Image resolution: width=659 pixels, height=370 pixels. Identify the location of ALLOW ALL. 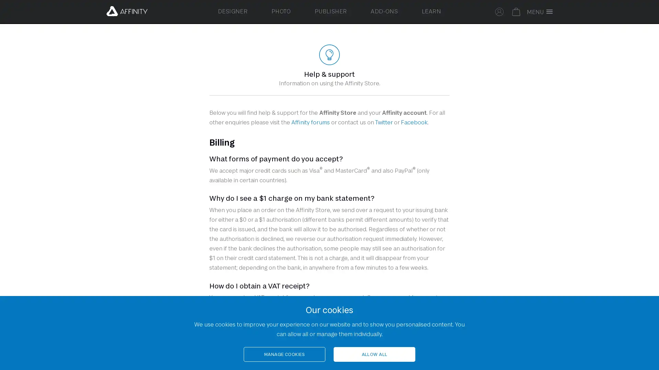
(374, 354).